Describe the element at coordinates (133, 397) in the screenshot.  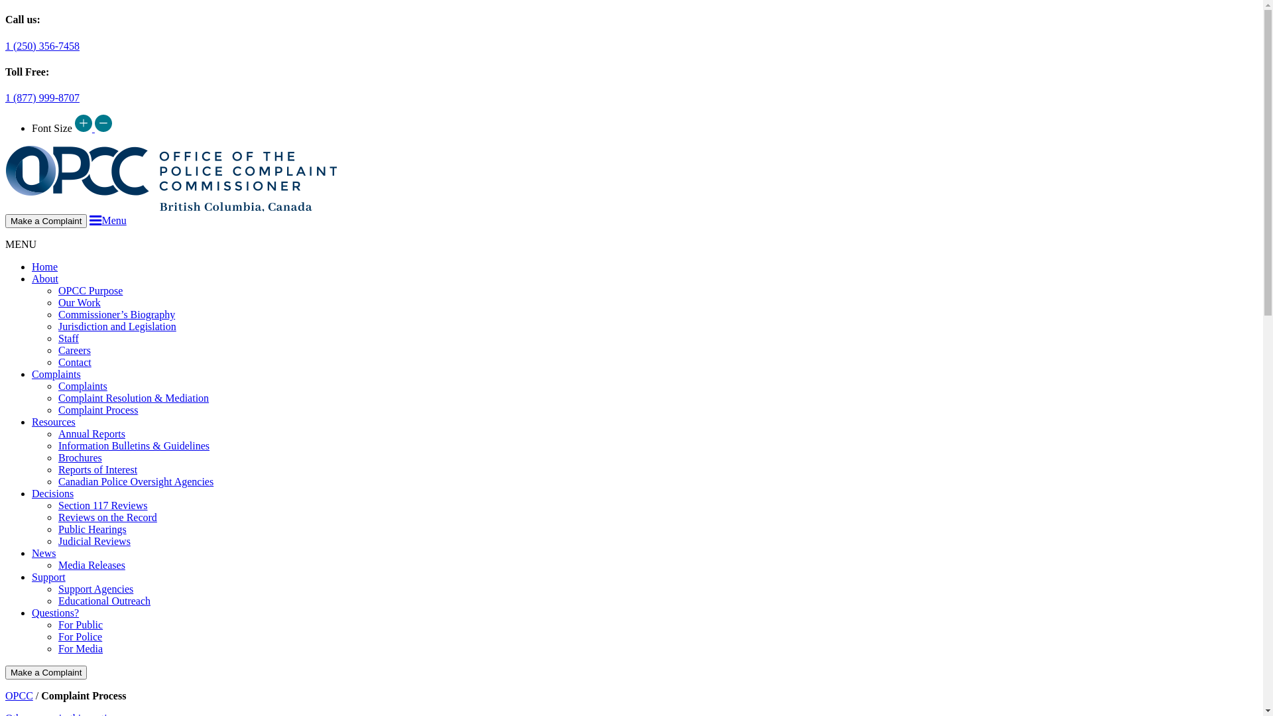
I see `'Complaint Resolution & Mediation'` at that location.